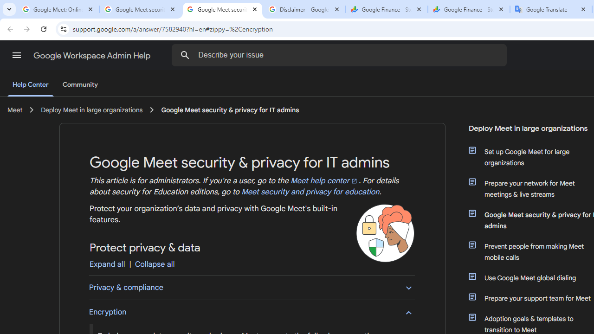  Describe the element at coordinates (80, 85) in the screenshot. I see `'Community'` at that location.